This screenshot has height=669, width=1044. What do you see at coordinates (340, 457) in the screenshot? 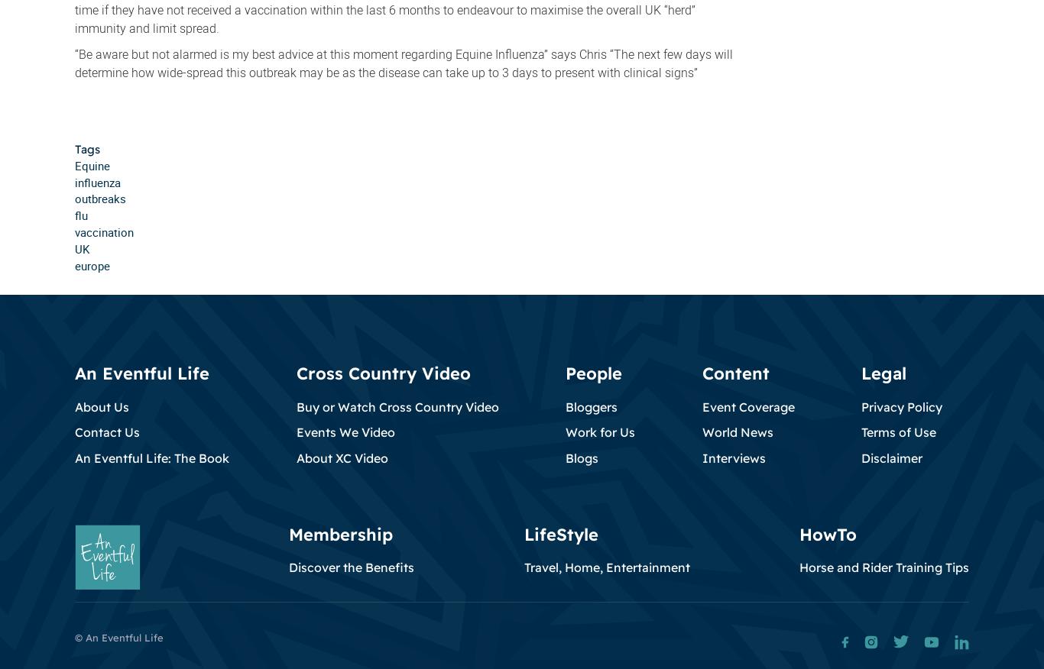
I see `'About XC Video'` at bounding box center [340, 457].